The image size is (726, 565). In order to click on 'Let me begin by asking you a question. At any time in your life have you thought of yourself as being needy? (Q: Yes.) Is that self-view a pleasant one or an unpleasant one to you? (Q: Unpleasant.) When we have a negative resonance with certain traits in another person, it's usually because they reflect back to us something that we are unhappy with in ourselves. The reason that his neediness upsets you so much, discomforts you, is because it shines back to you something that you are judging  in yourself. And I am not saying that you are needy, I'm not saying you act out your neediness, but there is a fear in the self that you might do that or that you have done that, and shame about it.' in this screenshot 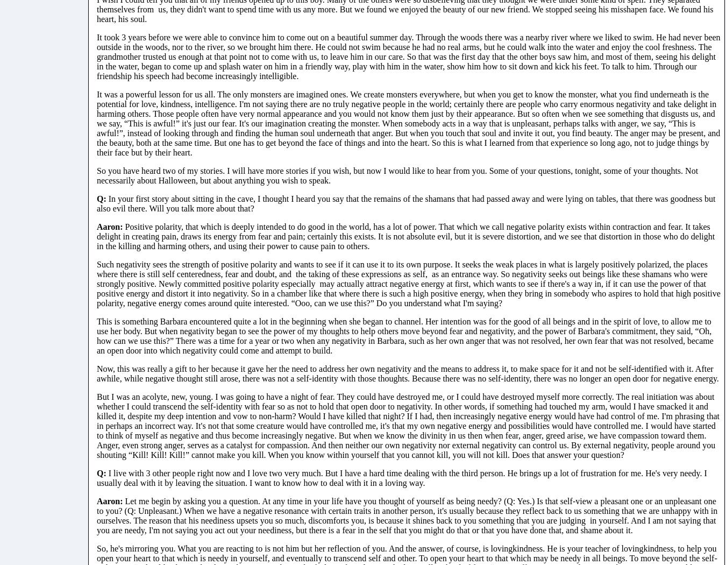, I will do `click(406, 514)`.